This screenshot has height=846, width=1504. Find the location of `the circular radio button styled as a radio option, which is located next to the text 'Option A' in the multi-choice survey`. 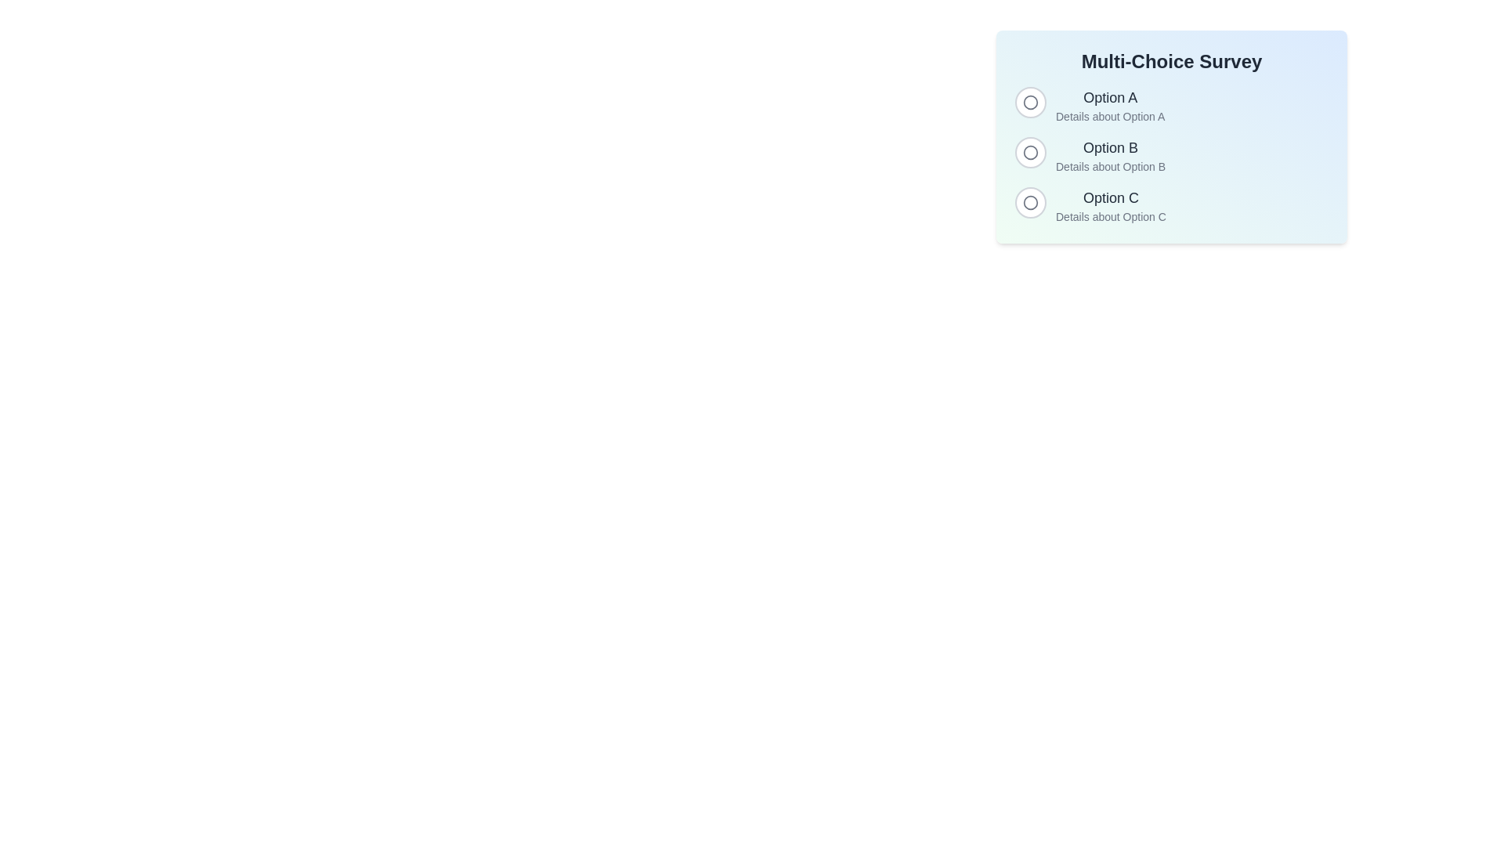

the circular radio button styled as a radio option, which is located next to the text 'Option A' in the multi-choice survey is located at coordinates (1030, 103).